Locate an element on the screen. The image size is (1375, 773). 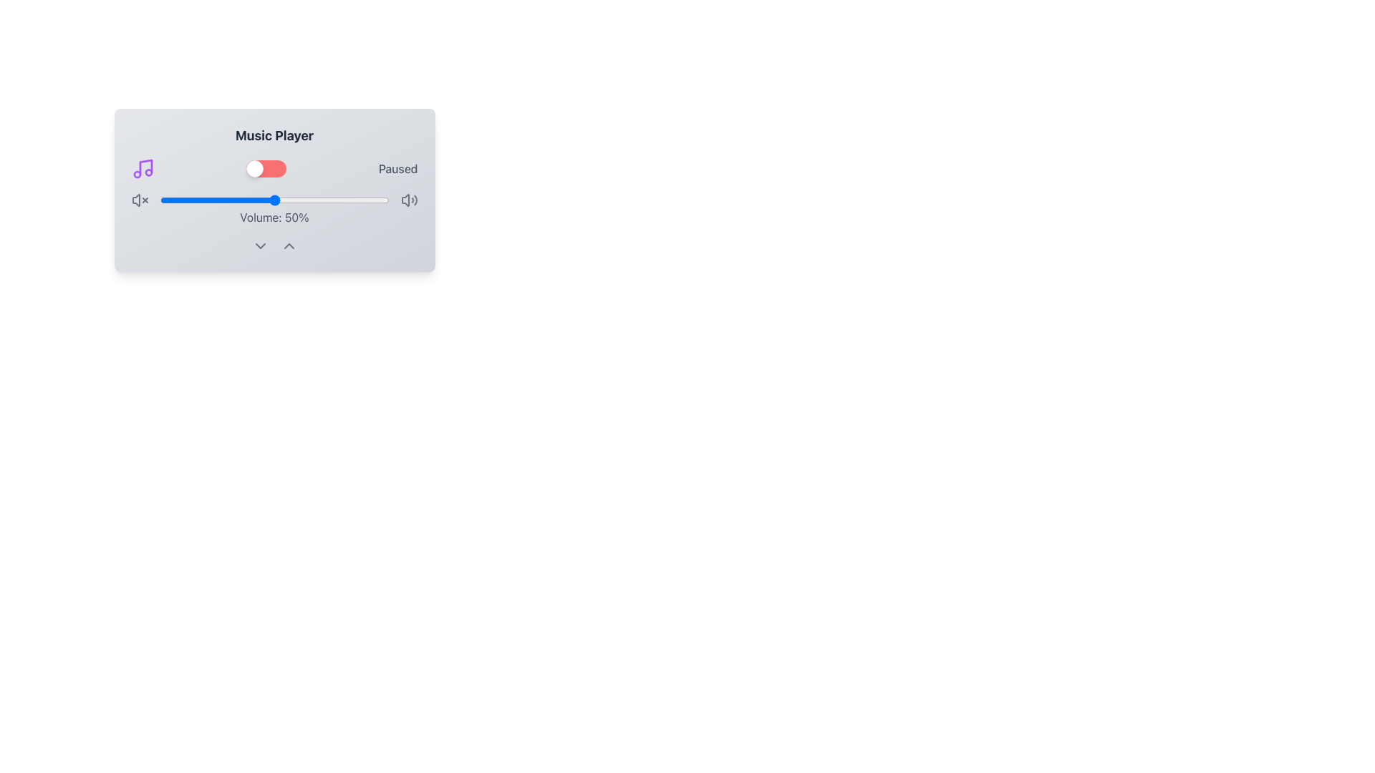
volume is located at coordinates (249, 200).